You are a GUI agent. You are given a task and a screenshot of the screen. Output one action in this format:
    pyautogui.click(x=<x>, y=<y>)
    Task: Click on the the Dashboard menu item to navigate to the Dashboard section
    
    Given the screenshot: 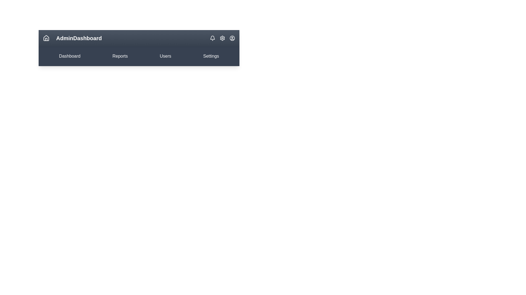 What is the action you would take?
    pyautogui.click(x=69, y=56)
    